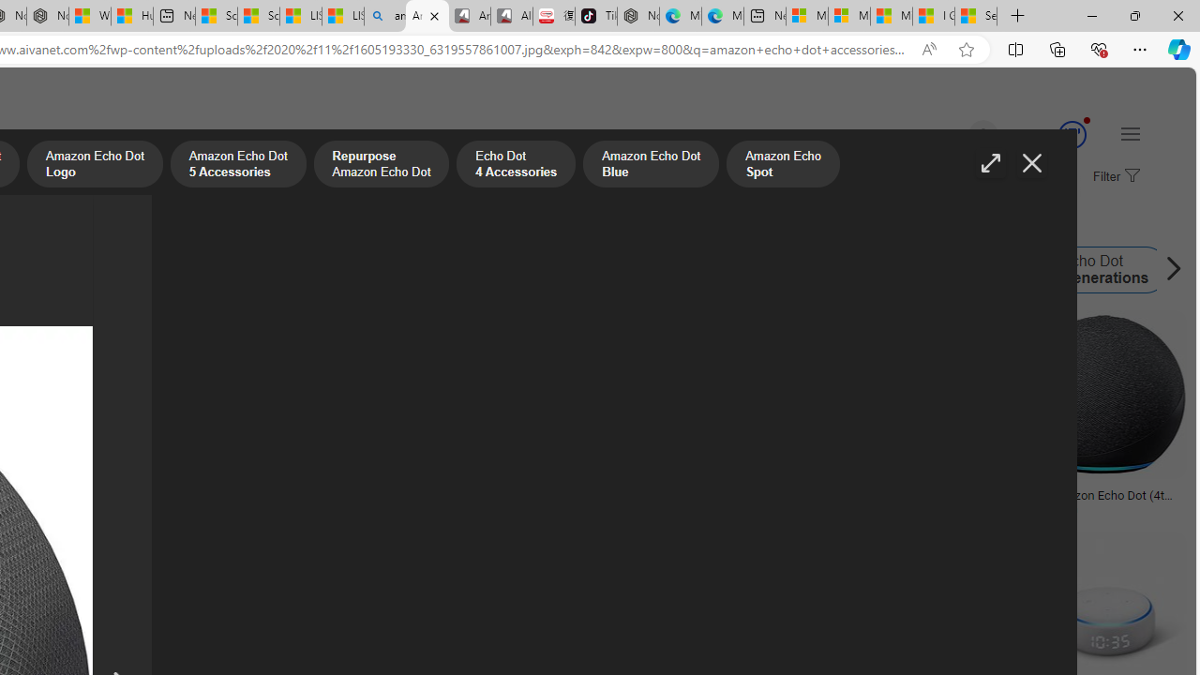 The width and height of the screenshot is (1200, 675). Describe the element at coordinates (848, 16) in the screenshot. I see `'Microsoft account | Privacy'` at that location.